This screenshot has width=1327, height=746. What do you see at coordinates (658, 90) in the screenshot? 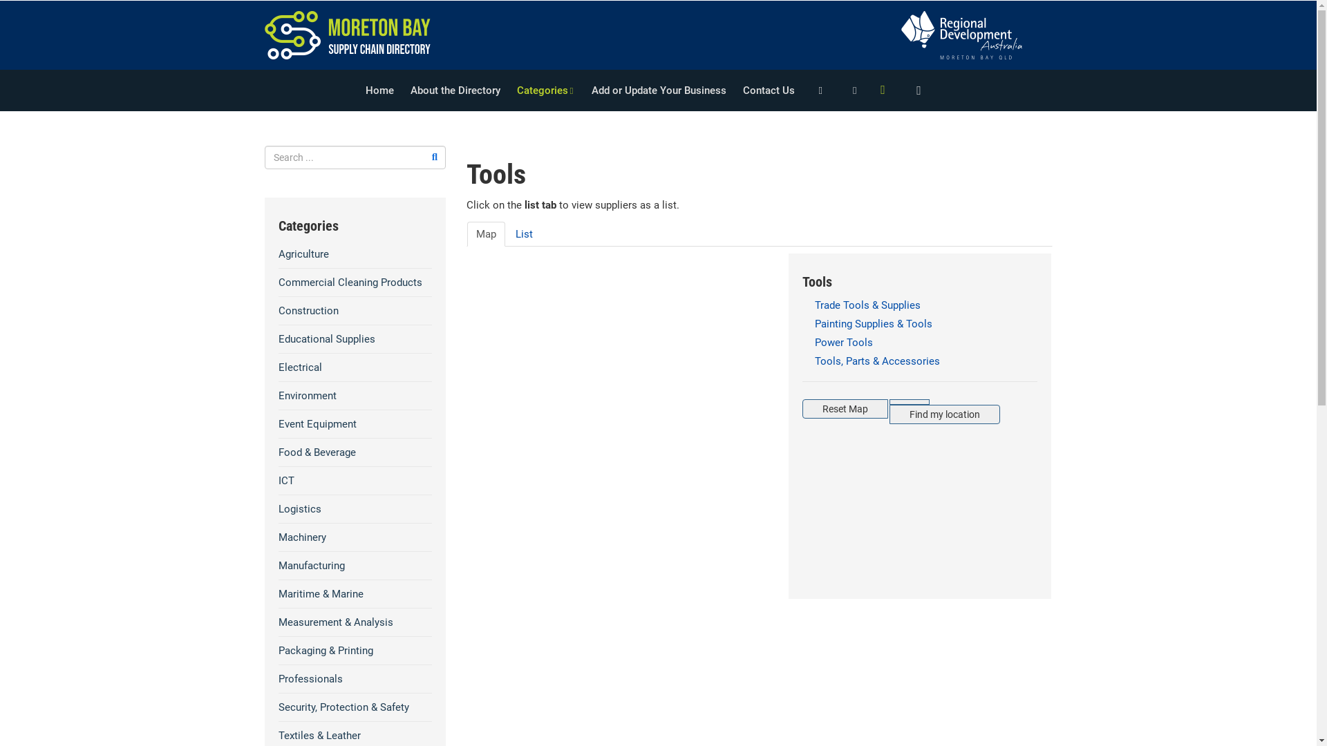
I see `'Add or Update Your Business'` at bounding box center [658, 90].